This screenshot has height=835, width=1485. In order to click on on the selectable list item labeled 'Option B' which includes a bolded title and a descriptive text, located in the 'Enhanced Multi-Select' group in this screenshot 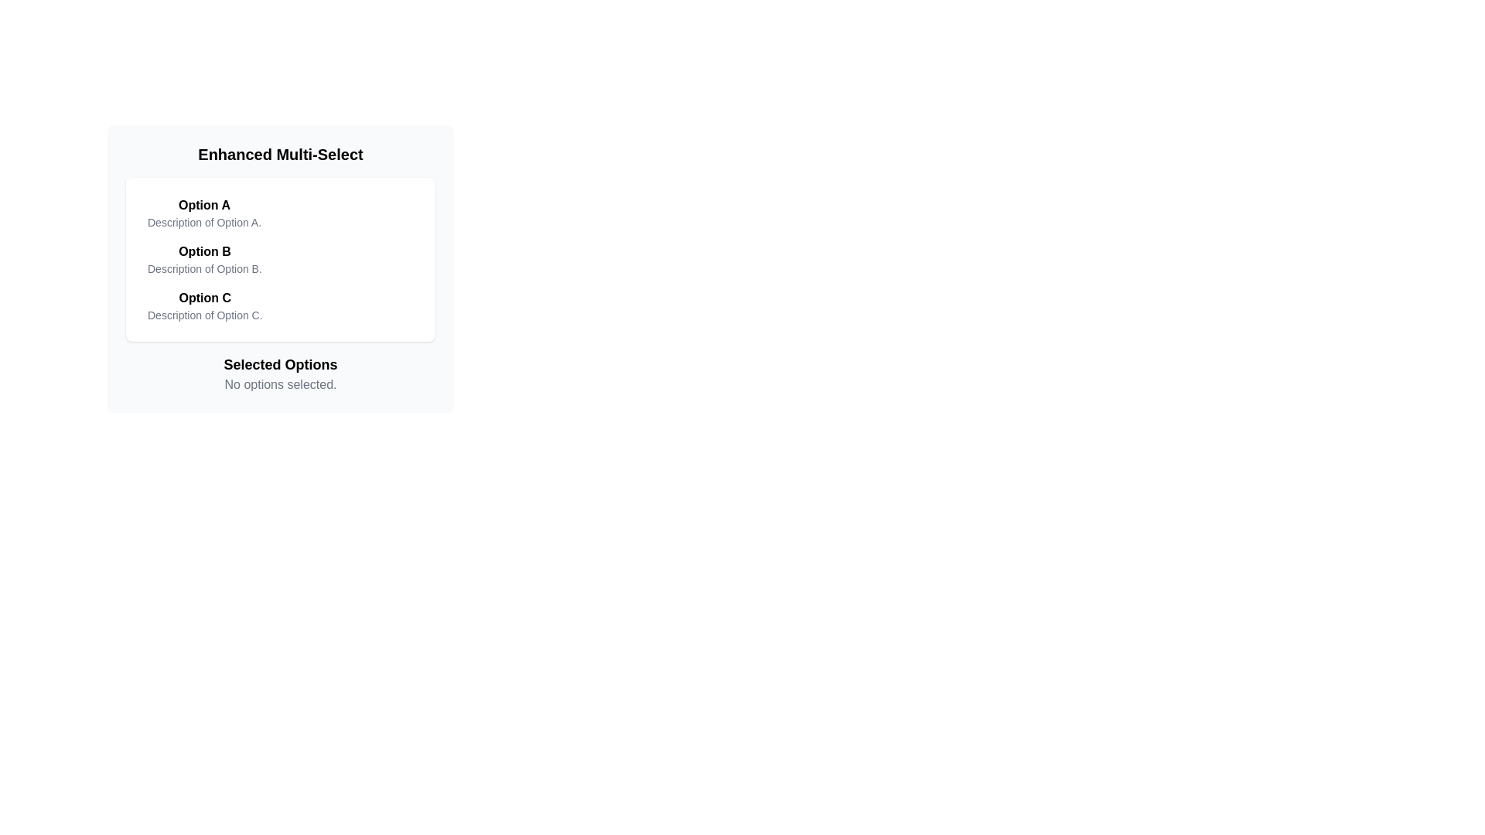, I will do `click(203, 258)`.